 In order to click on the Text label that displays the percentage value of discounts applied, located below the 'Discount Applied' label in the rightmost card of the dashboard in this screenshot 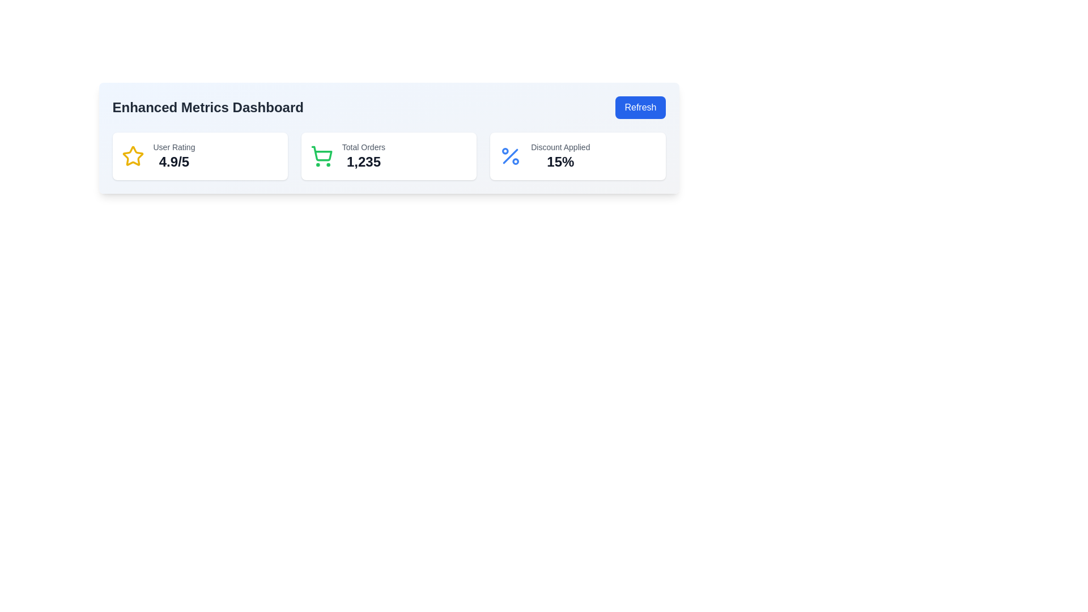, I will do `click(560, 161)`.